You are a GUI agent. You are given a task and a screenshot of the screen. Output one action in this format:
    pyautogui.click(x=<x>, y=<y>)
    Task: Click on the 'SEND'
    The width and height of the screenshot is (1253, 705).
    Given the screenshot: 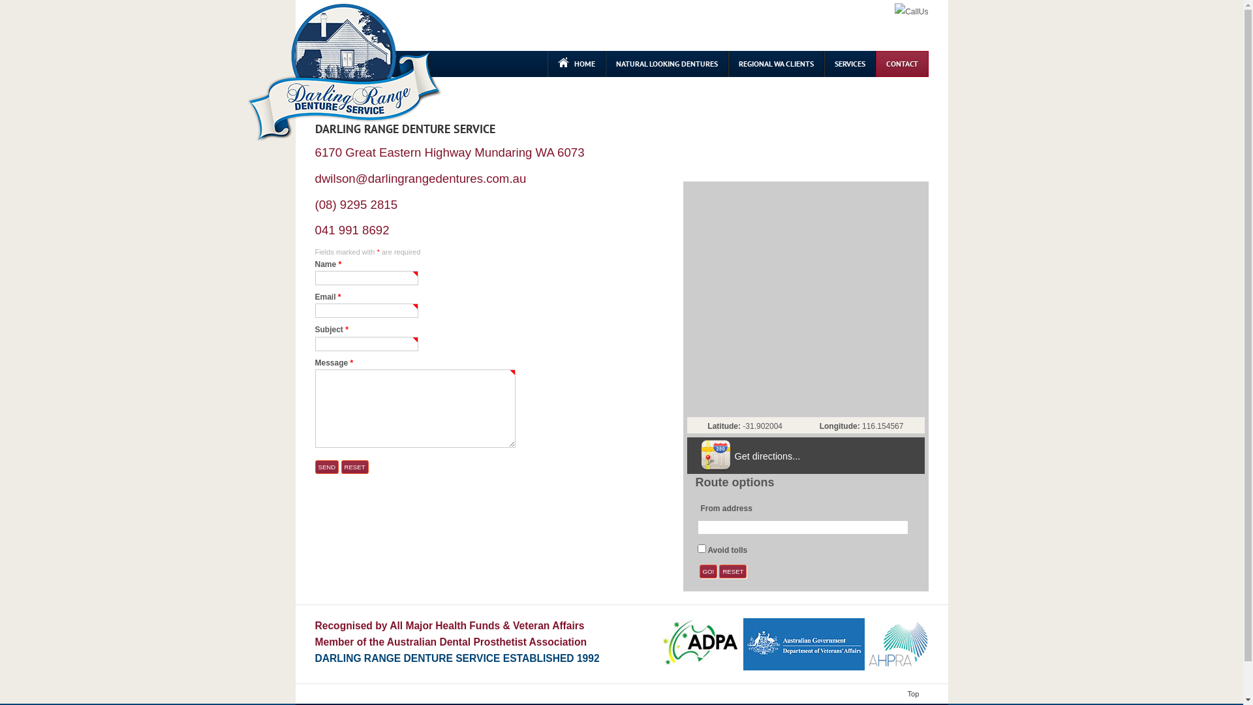 What is the action you would take?
    pyautogui.click(x=314, y=466)
    